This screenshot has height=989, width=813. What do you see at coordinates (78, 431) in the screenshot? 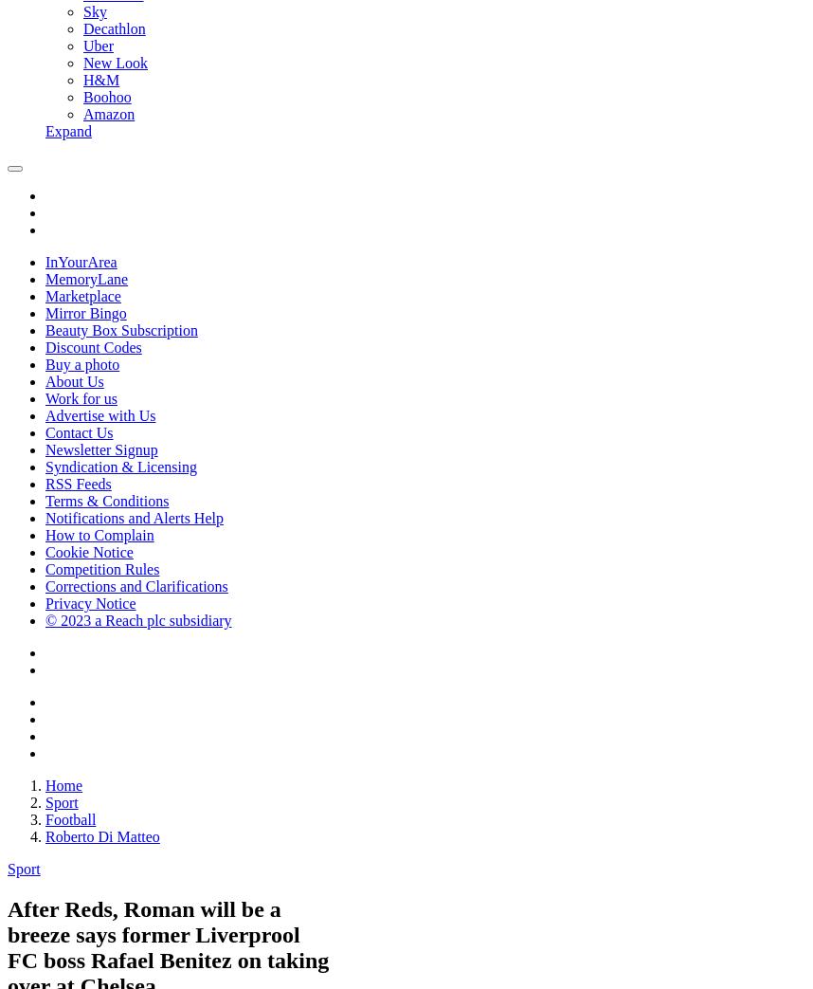
I see `'Contact Us'` at bounding box center [78, 431].